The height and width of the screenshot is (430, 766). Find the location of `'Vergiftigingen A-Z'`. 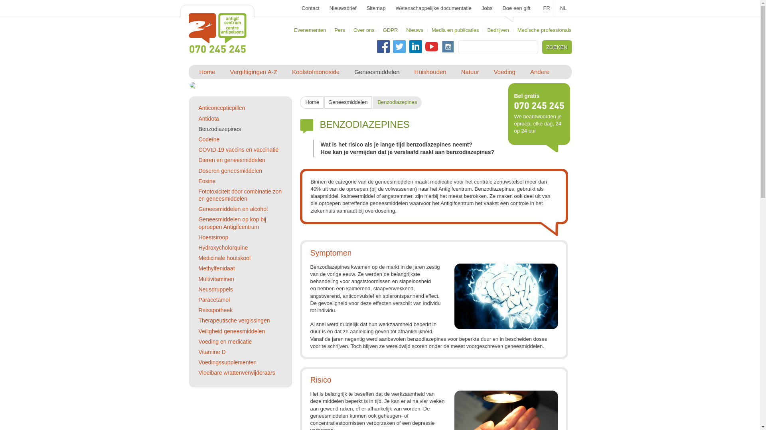

'Vergiftigingen A-Z' is located at coordinates (253, 72).